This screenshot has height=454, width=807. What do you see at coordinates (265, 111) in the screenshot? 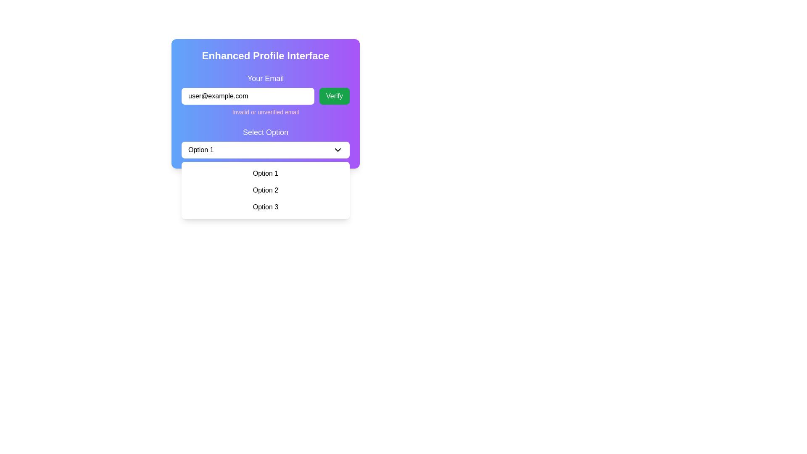
I see `the text label displaying 'Invalid or unverified email' located under the email input field and verify button` at bounding box center [265, 111].